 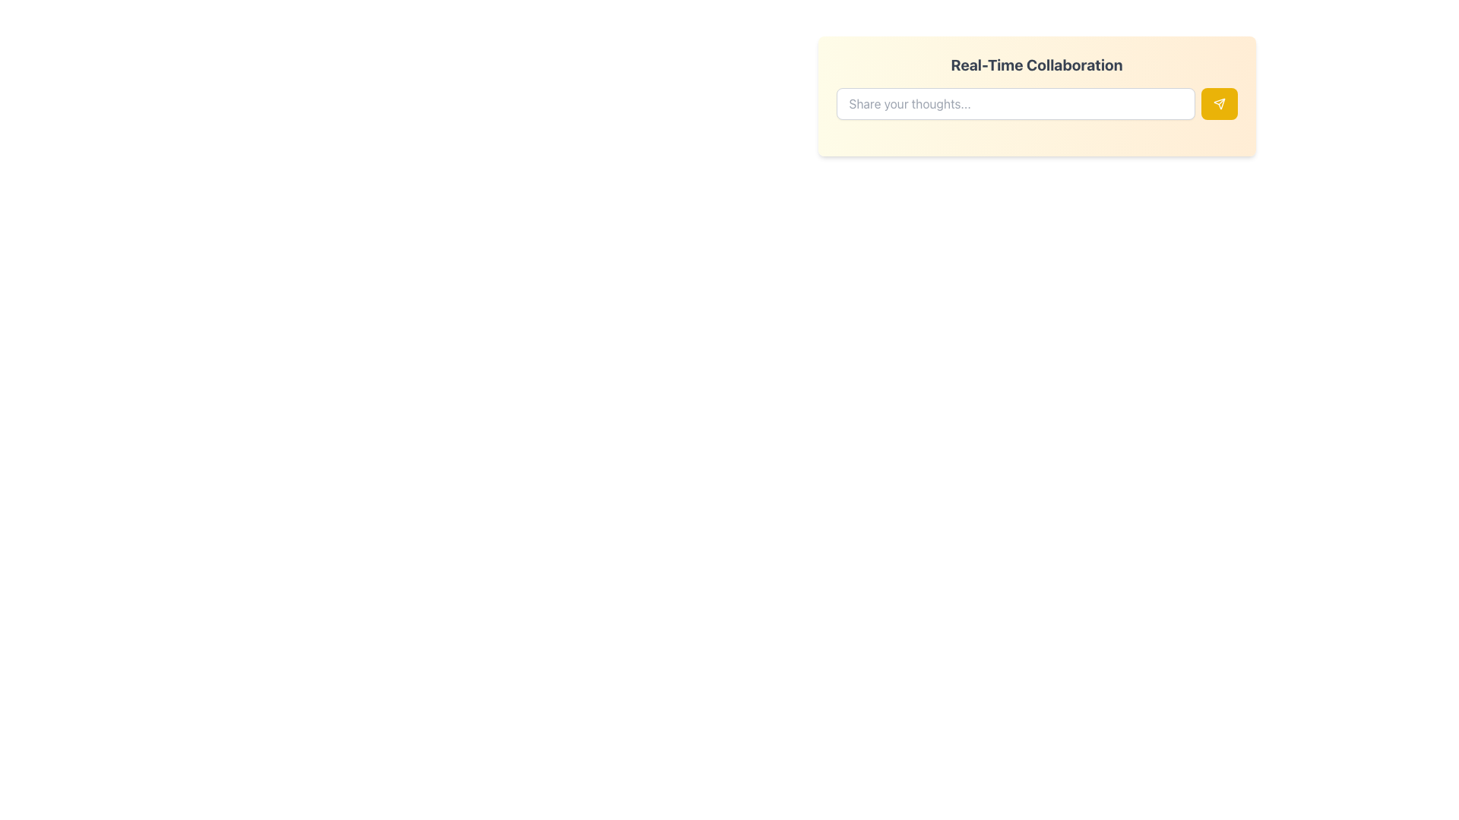 I want to click on the yellow rectangular button with a paper plane icon in the 'Real-Time Collaboration' section, so click(x=1219, y=103).